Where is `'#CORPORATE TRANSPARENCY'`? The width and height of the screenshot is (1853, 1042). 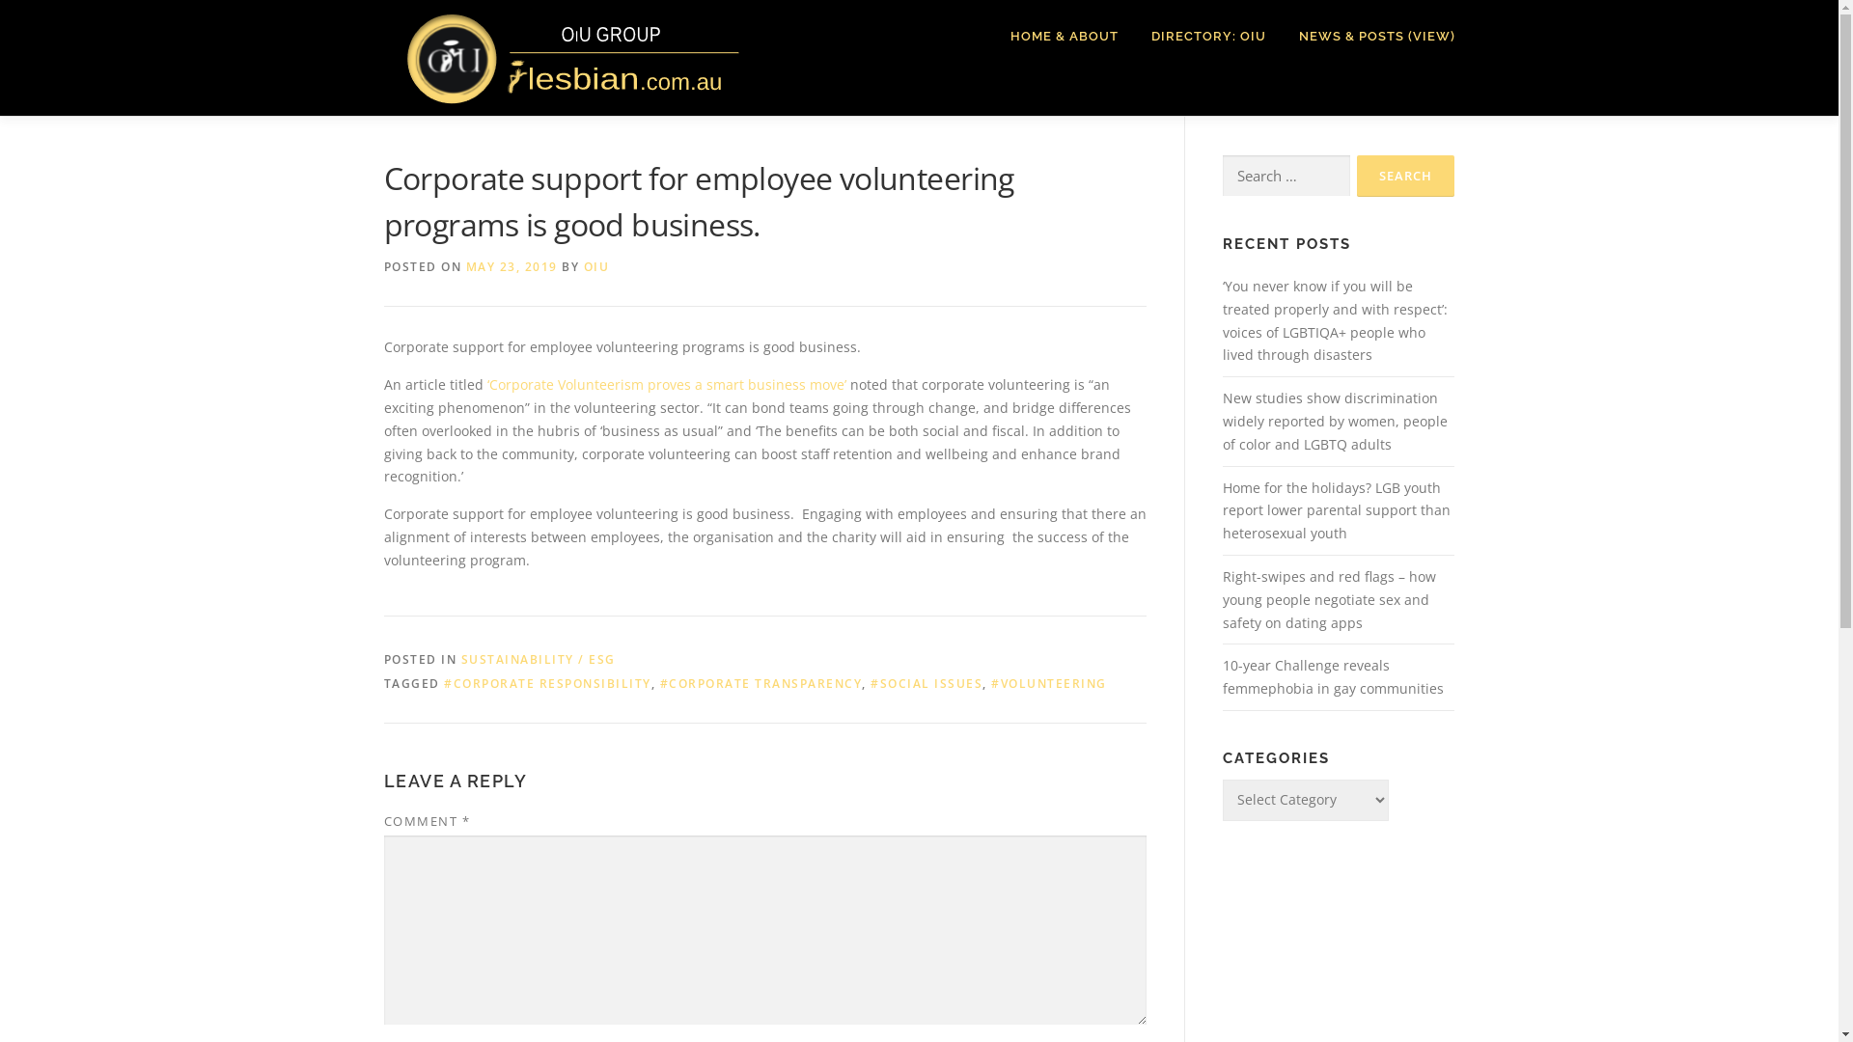 '#CORPORATE TRANSPARENCY' is located at coordinates (660, 682).